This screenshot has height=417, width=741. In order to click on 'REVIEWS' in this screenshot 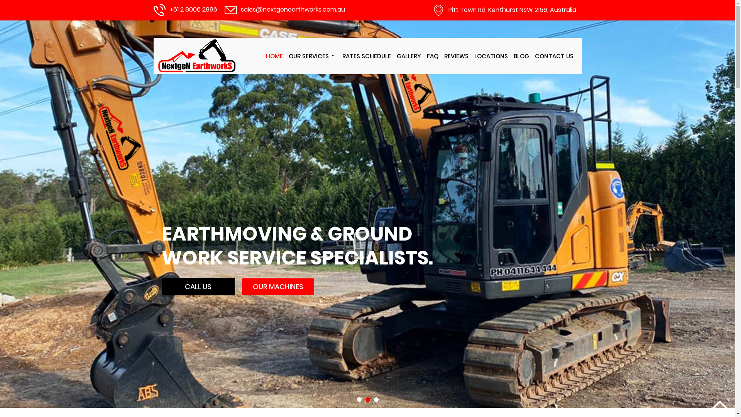, I will do `click(456, 56)`.